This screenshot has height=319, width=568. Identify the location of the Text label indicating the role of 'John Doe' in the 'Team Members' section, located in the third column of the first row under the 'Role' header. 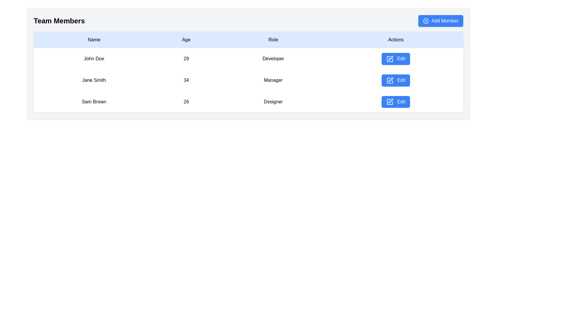
(273, 59).